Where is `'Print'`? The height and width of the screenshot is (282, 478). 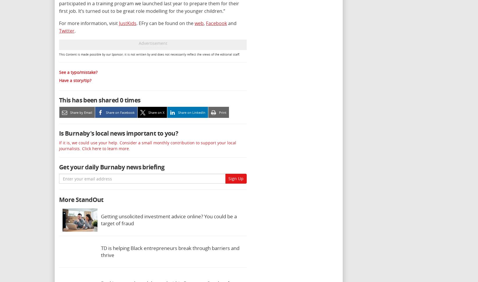
'Print' is located at coordinates (223, 112).